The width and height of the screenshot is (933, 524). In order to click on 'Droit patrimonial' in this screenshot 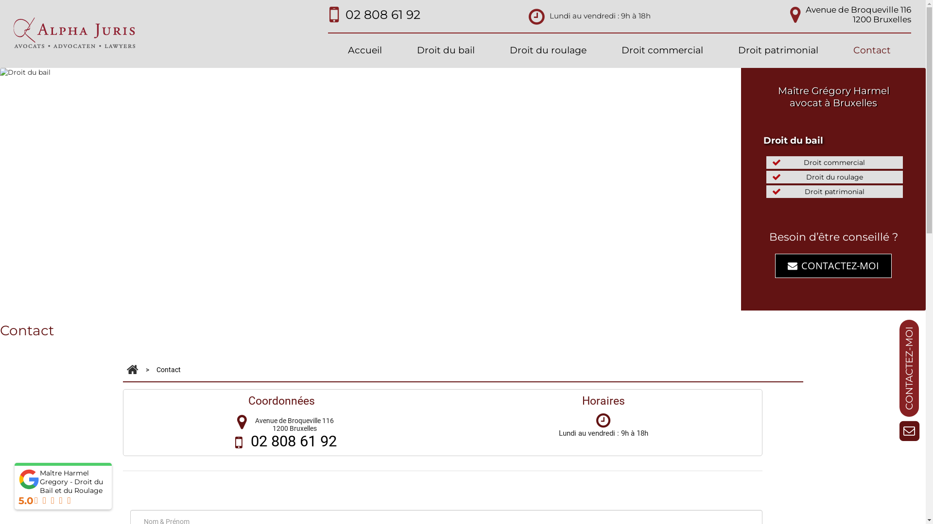, I will do `click(778, 50)`.